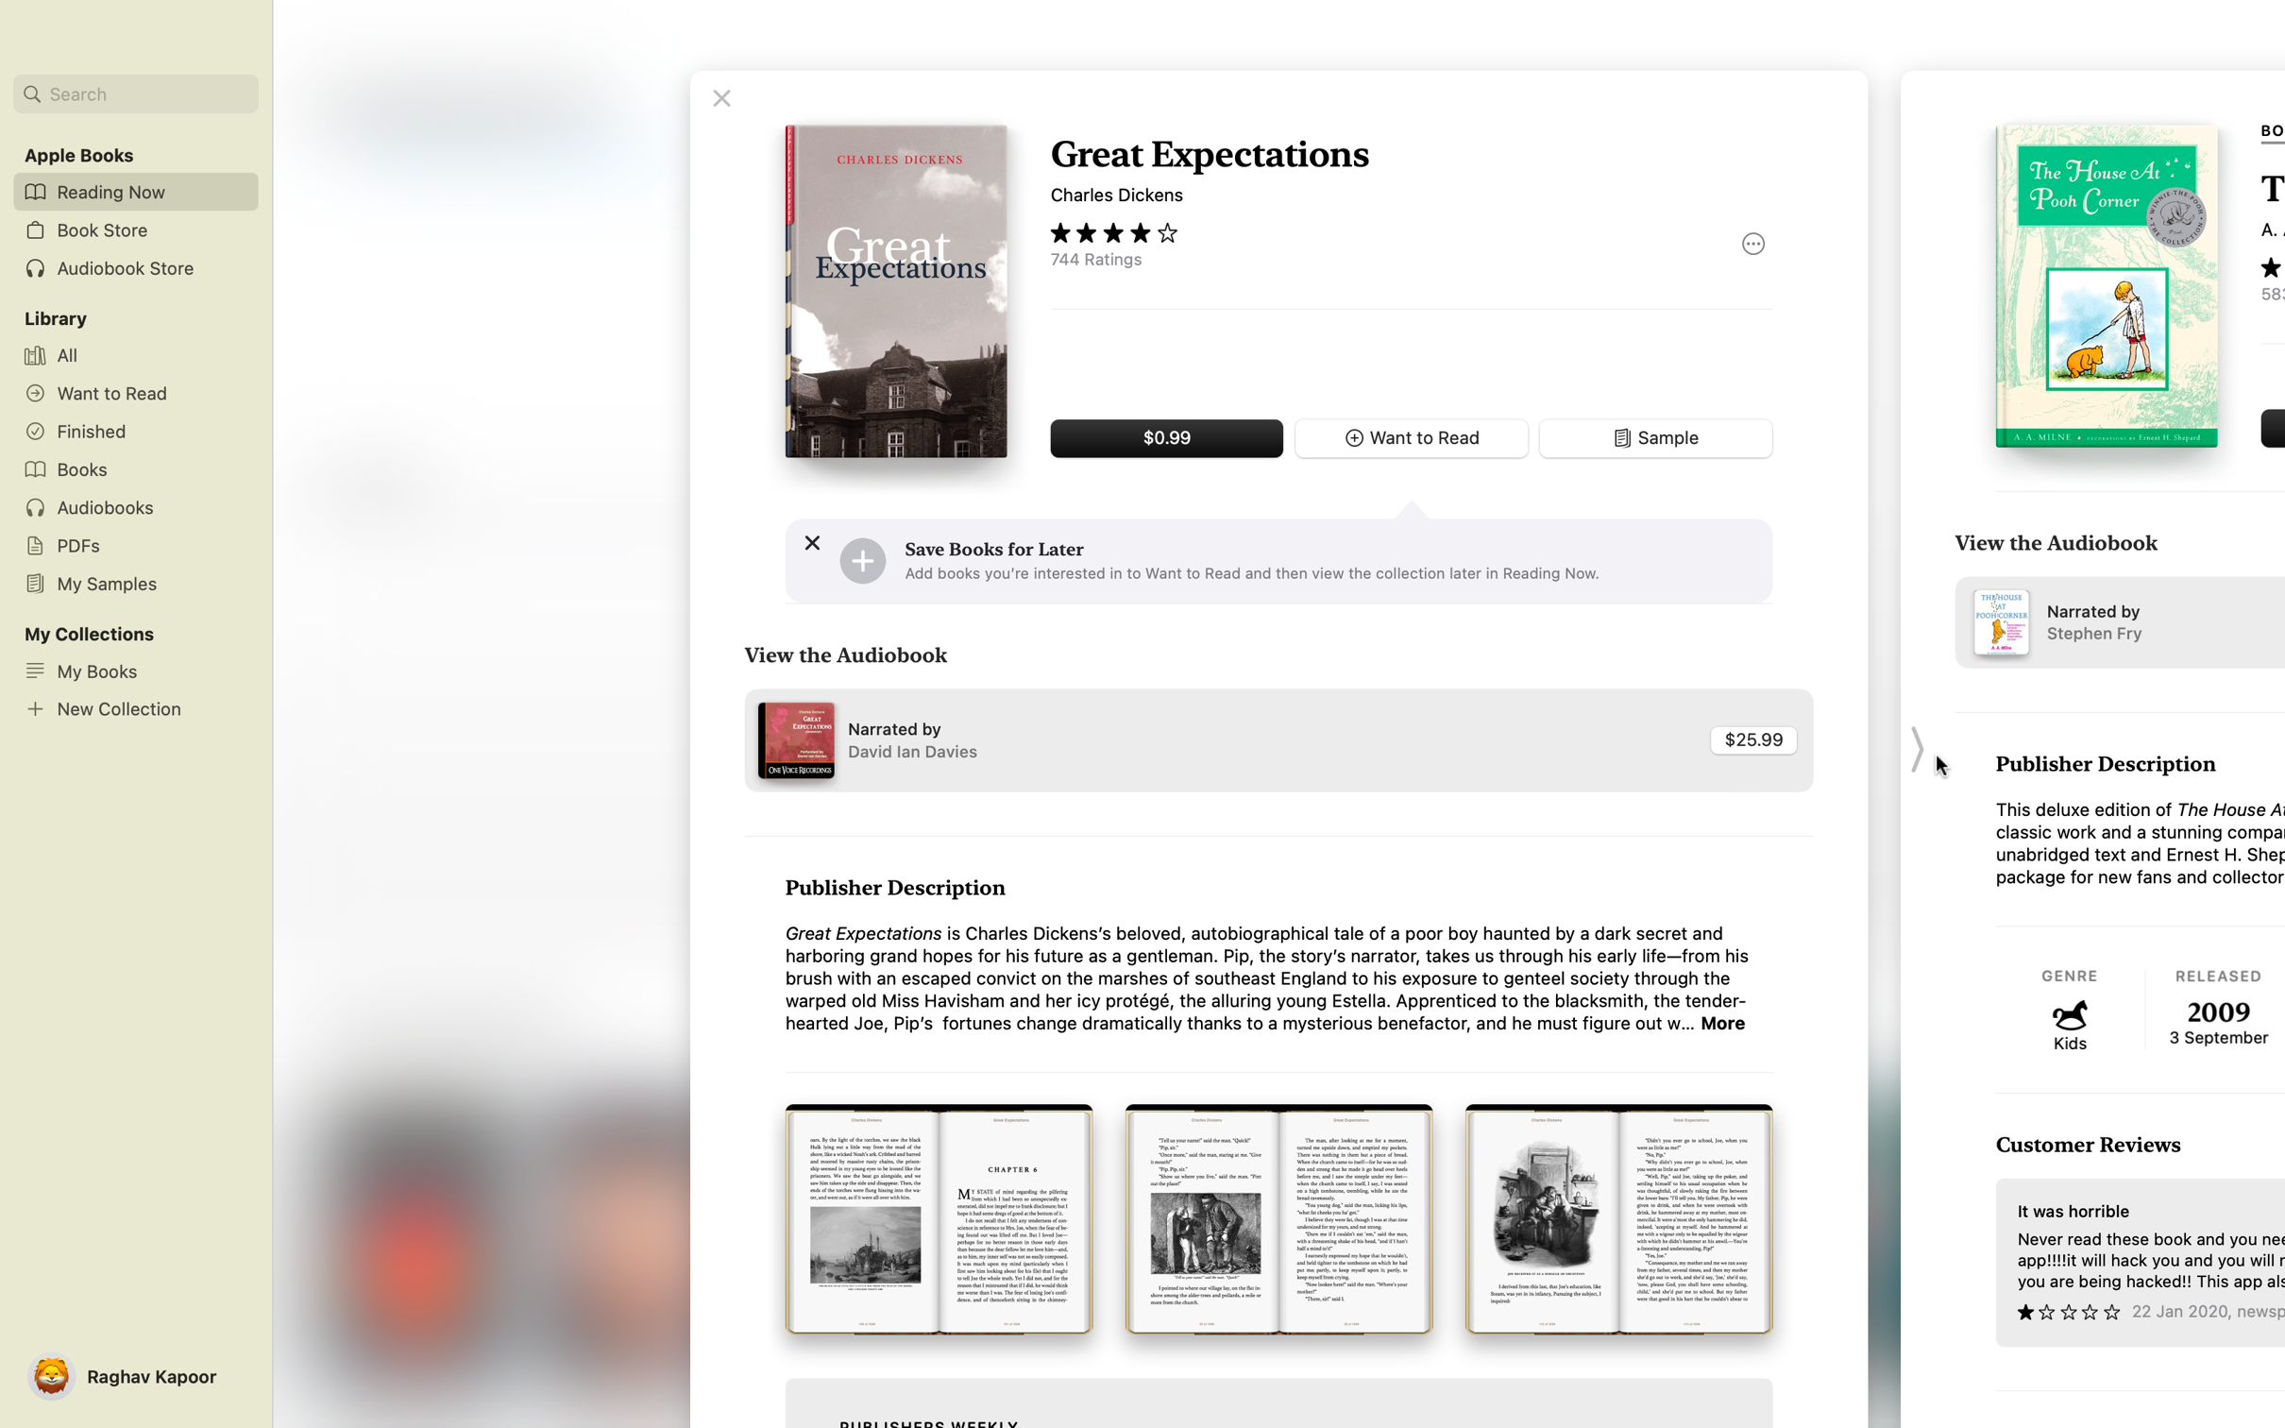 This screenshot has height=1428, width=2285. I want to click on Place the desired book in your wishlist, so click(861, 560).